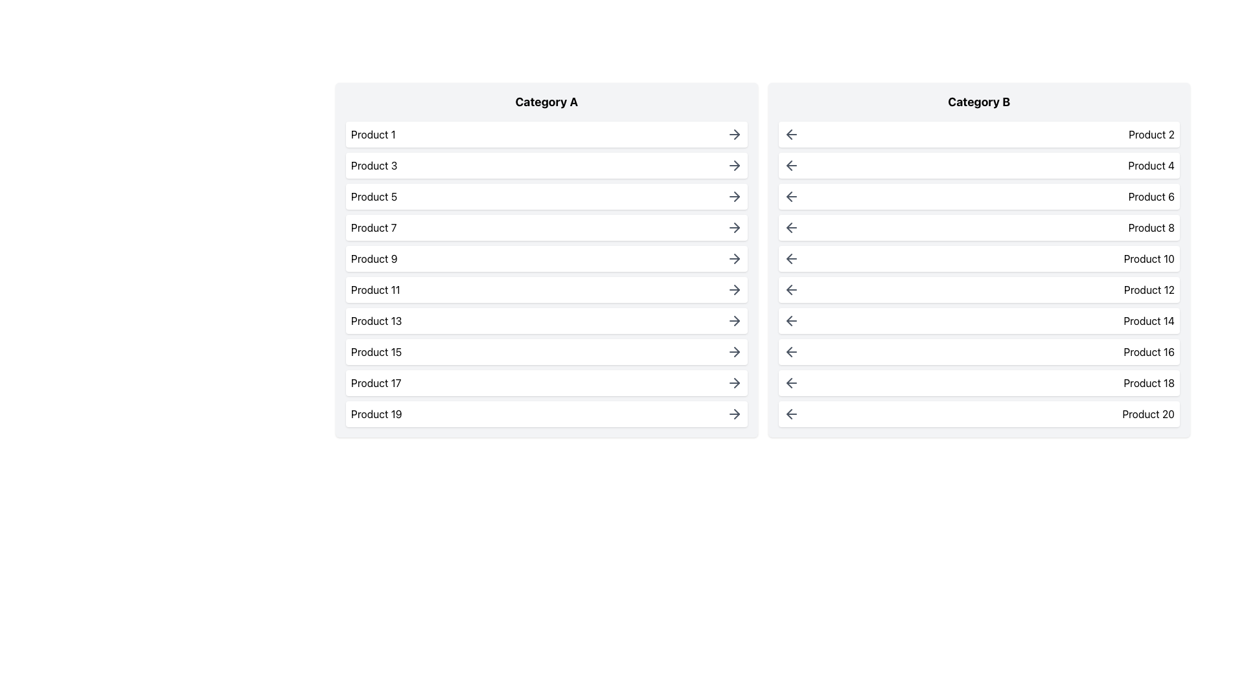  Describe the element at coordinates (546, 197) in the screenshot. I see `the interactive list item for 'Product 5', the third item under 'Category A', to enable keyboard interaction` at that location.